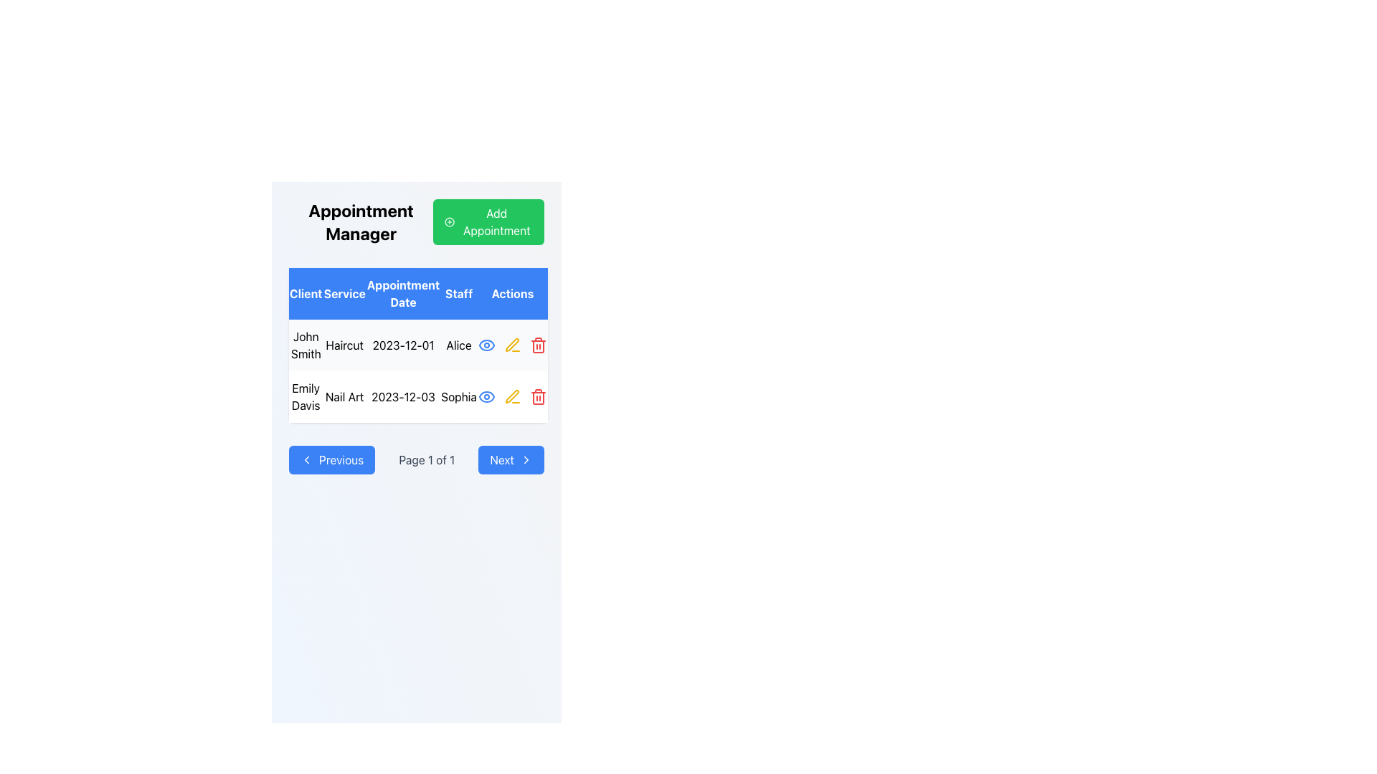 The image size is (1377, 774). Describe the element at coordinates (415, 459) in the screenshot. I see `the central text area of the pagination bar that displays 'Page 1 of 1' for possible page information` at that location.